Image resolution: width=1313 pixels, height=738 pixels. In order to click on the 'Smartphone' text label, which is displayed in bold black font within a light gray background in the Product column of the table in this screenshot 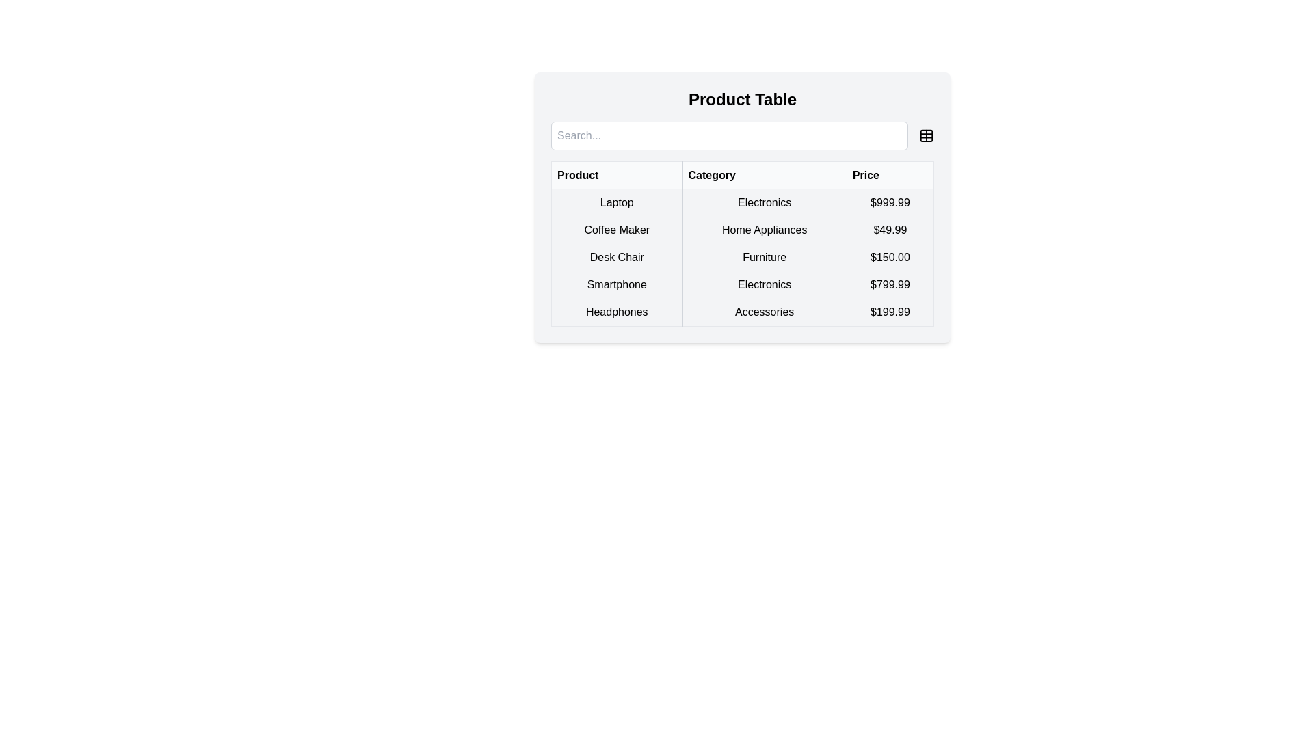, I will do `click(616, 284)`.